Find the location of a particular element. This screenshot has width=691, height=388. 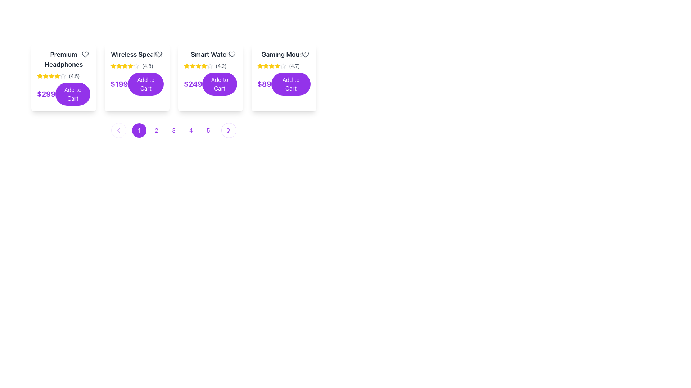

the fifth star icon in the rating system, which is a small, yellow star-shaped icon located beneath the title 'Premium Headphones' on the leftmost product card is located at coordinates (57, 76).